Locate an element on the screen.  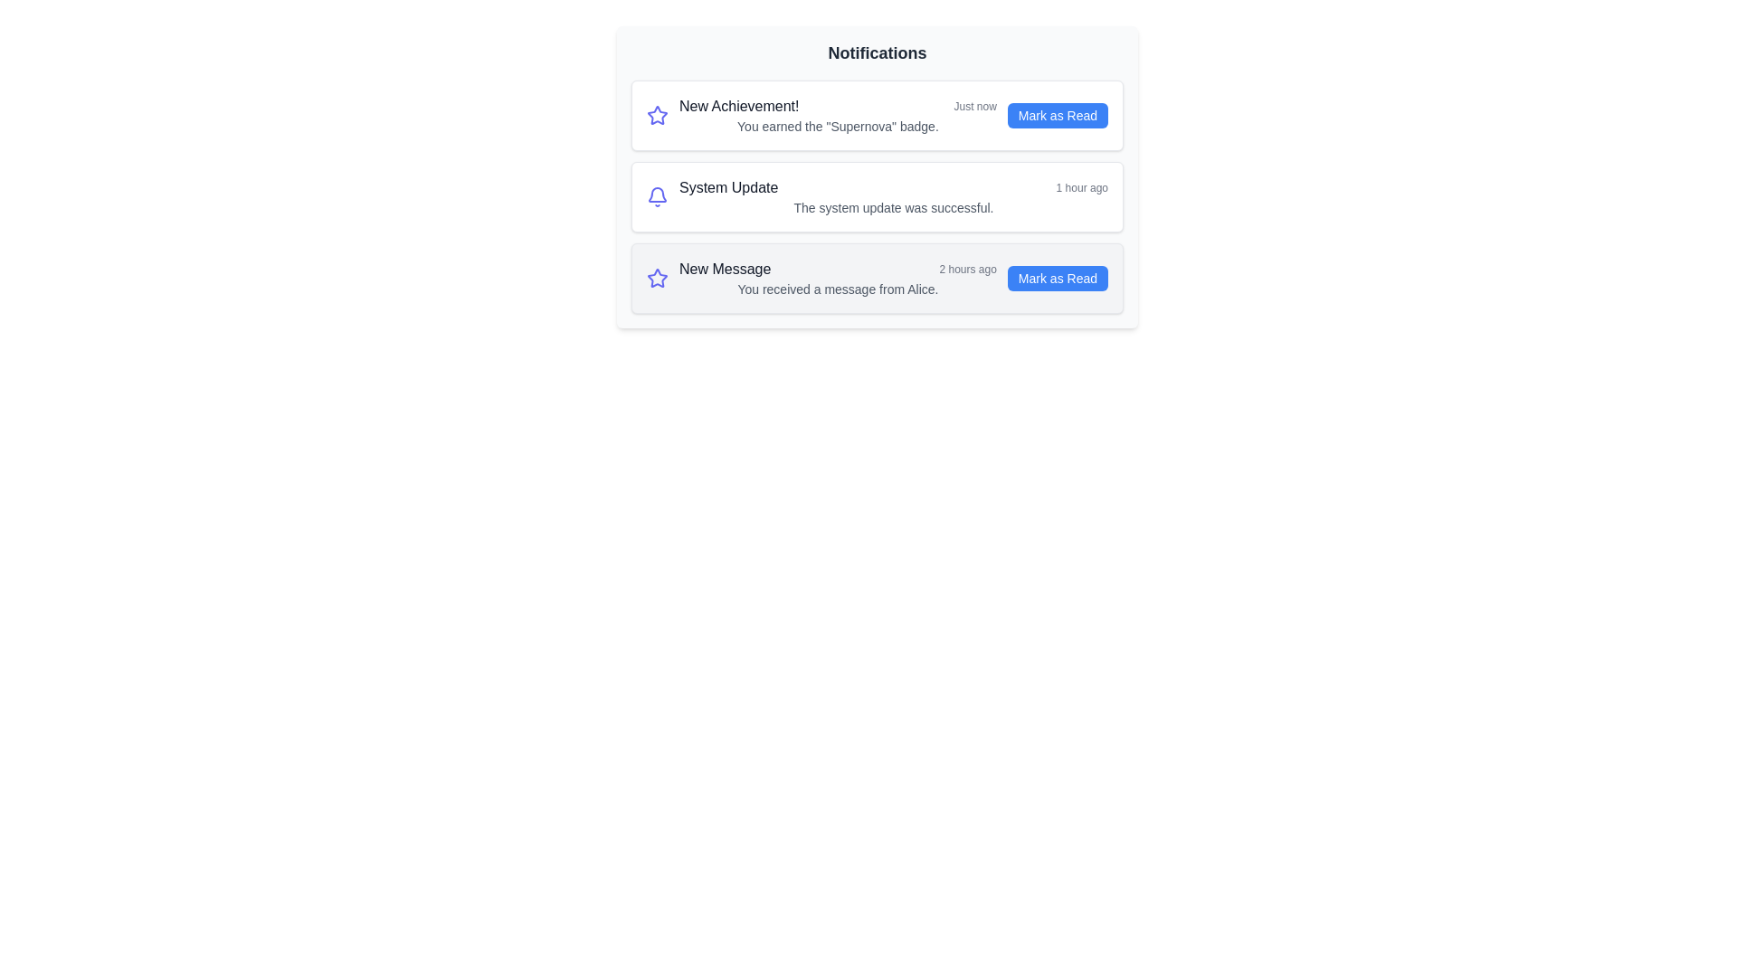
the static text element displaying the message 'You earned the 'Supernova' badge.' which is styled in a smaller, gray font and located below the bold heading 'New Achievement!' is located at coordinates (837, 125).